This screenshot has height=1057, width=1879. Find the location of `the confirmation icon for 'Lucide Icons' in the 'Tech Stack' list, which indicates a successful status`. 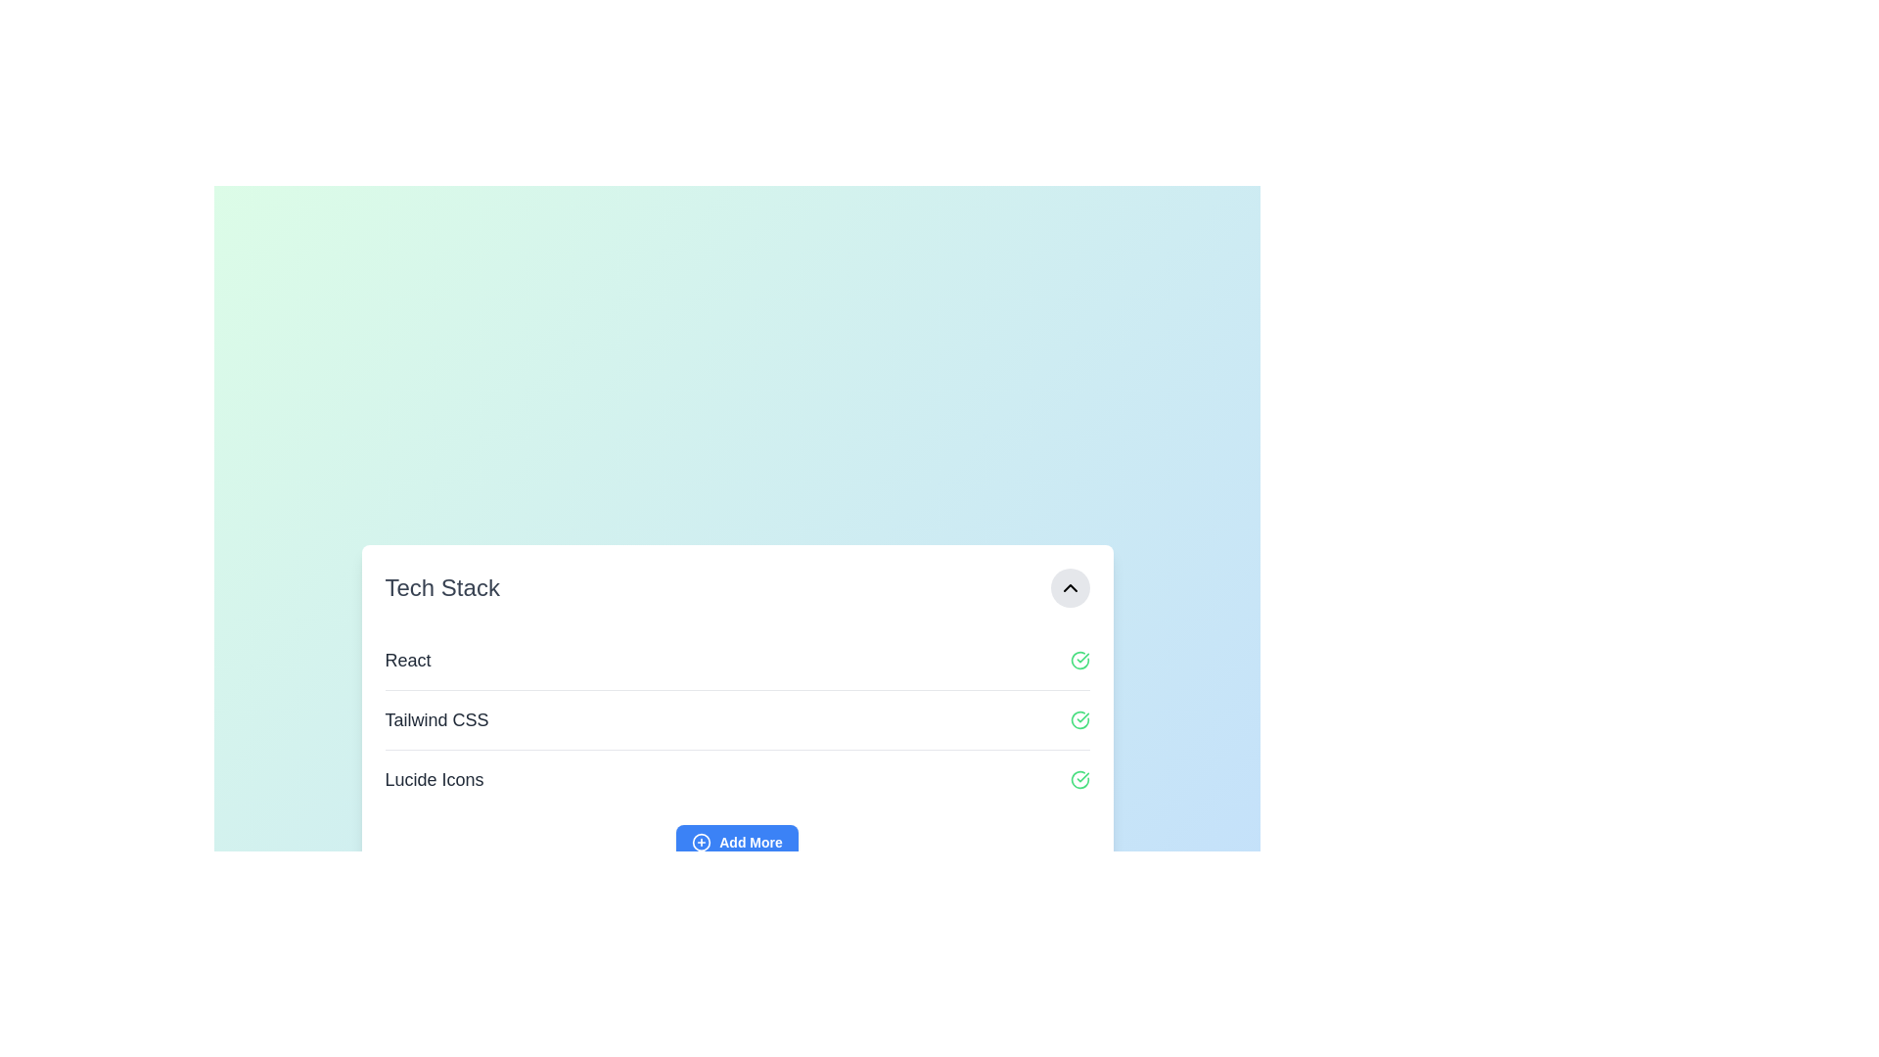

the confirmation icon for 'Lucide Icons' in the 'Tech Stack' list, which indicates a successful status is located at coordinates (1078, 779).